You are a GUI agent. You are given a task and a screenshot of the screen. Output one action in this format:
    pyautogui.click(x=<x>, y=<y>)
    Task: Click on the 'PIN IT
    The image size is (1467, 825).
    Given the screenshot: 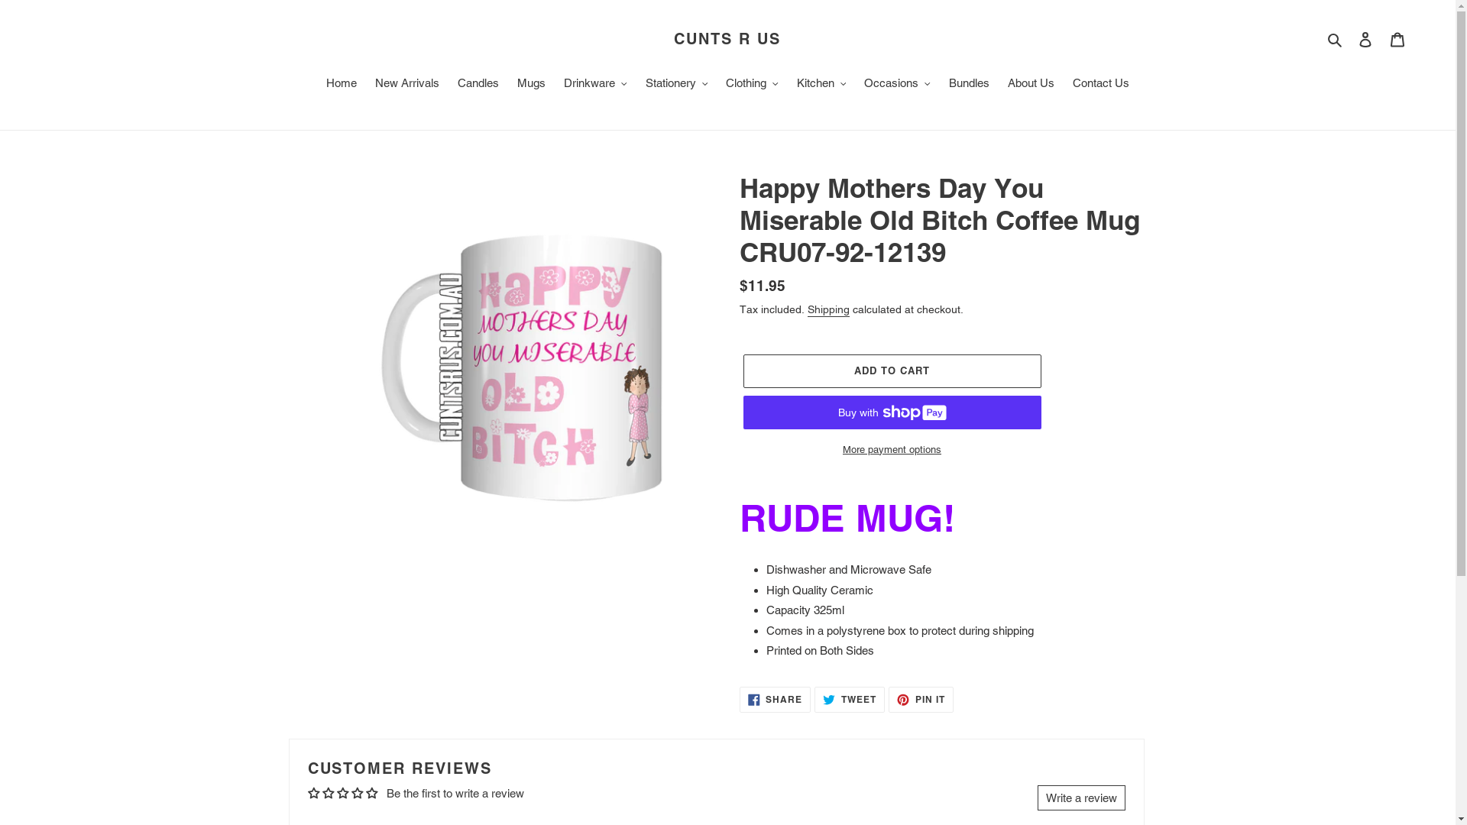 What is the action you would take?
    pyautogui.click(x=888, y=699)
    